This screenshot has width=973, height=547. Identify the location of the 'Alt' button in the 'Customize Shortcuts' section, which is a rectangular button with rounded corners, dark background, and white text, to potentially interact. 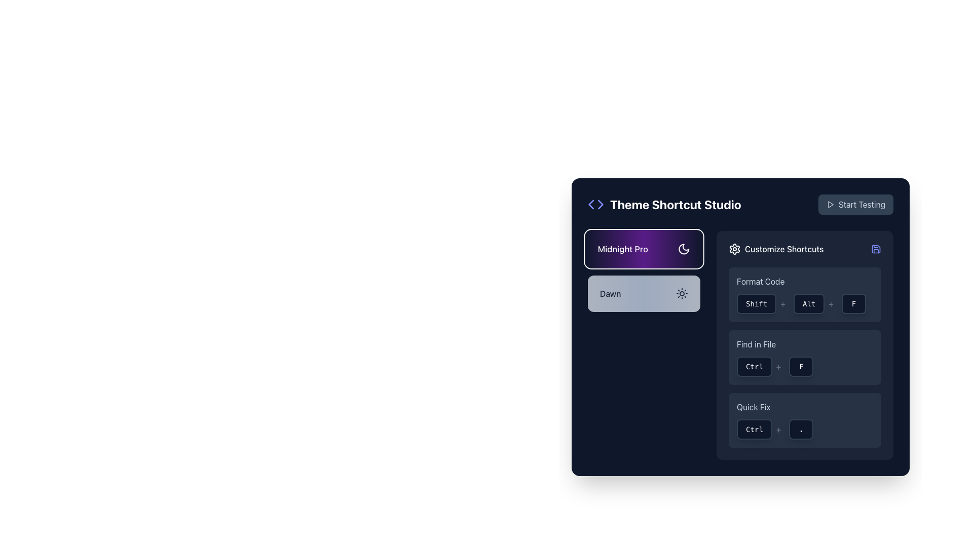
(808, 303).